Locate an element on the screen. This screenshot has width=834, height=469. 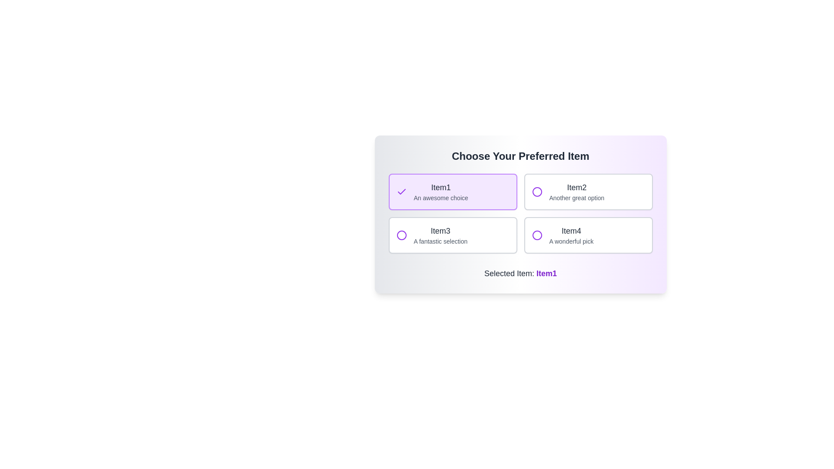
the text label that indicates the currently selected item, which is part of the phrase 'Selected Item: Item1' located at the rightmost part of the sentence is located at coordinates (546, 273).